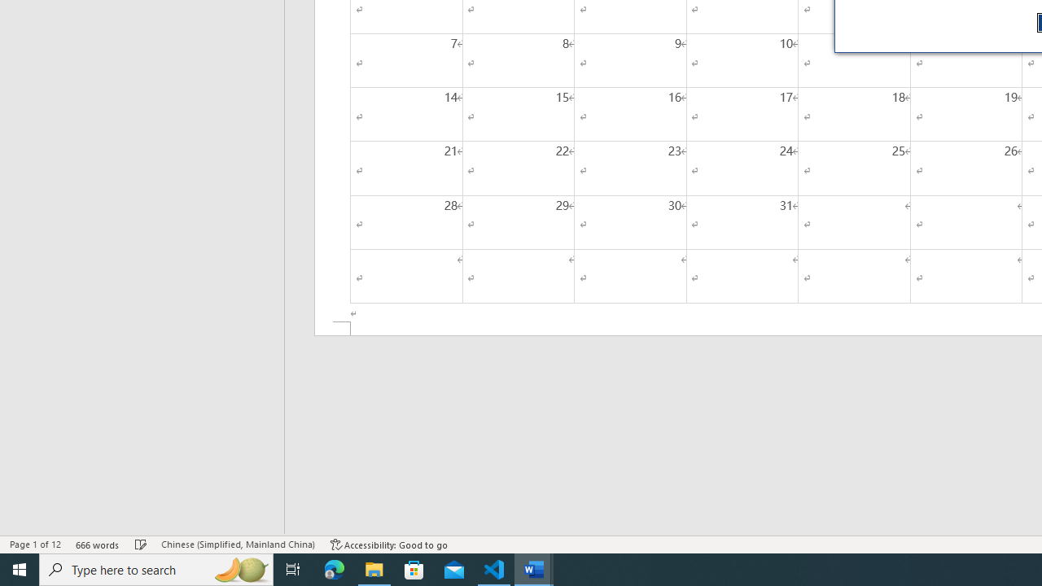  Describe the element at coordinates (334, 568) in the screenshot. I see `'Microsoft Edge'` at that location.